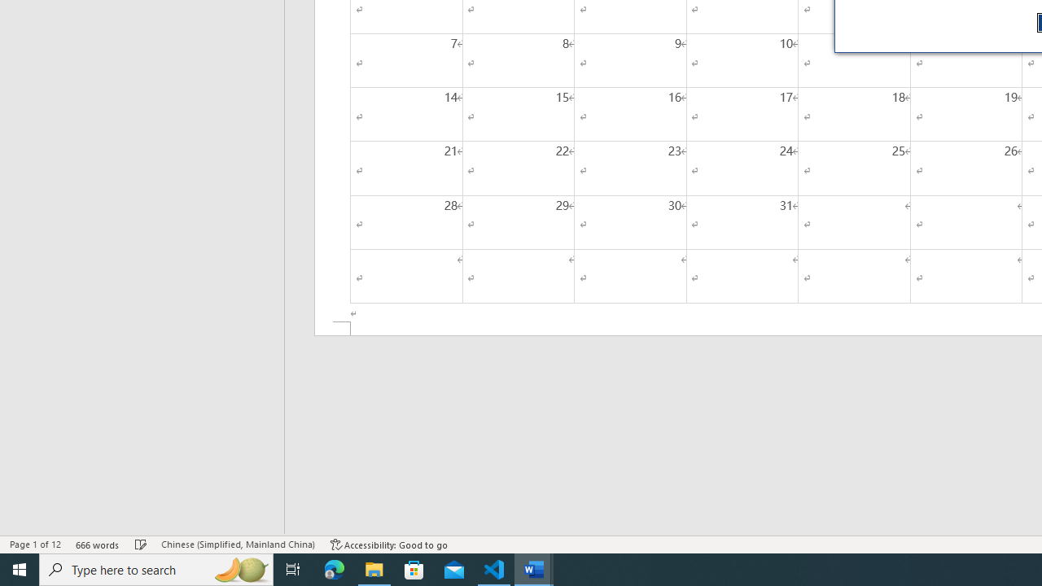  Describe the element at coordinates (334, 568) in the screenshot. I see `'Microsoft Edge'` at that location.